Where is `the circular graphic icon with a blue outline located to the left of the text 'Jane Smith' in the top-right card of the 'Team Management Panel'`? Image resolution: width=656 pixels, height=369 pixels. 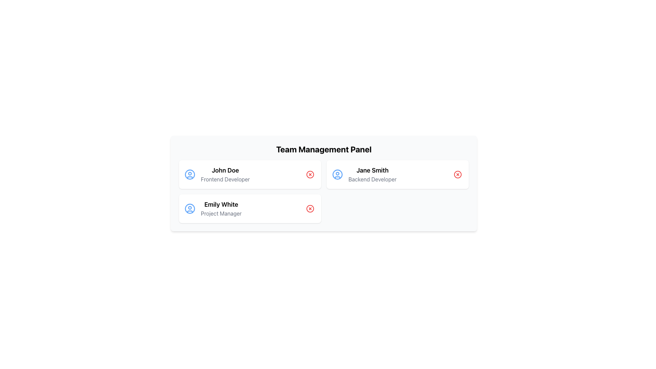
the circular graphic icon with a blue outline located to the left of the text 'Jane Smith' in the top-right card of the 'Team Management Panel' is located at coordinates (338, 174).